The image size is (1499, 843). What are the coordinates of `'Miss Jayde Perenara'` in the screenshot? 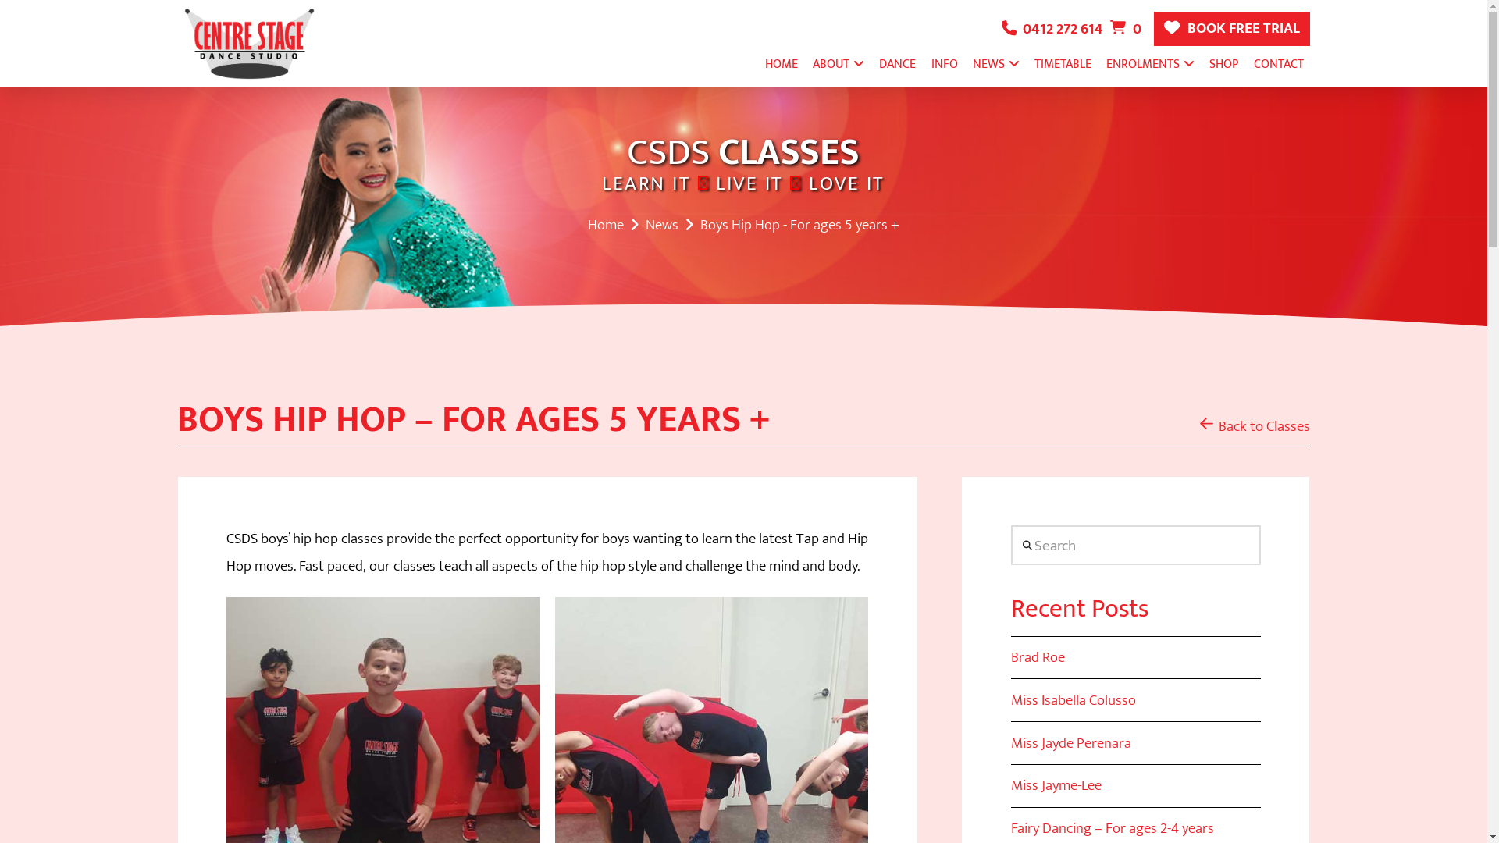 It's located at (1070, 742).